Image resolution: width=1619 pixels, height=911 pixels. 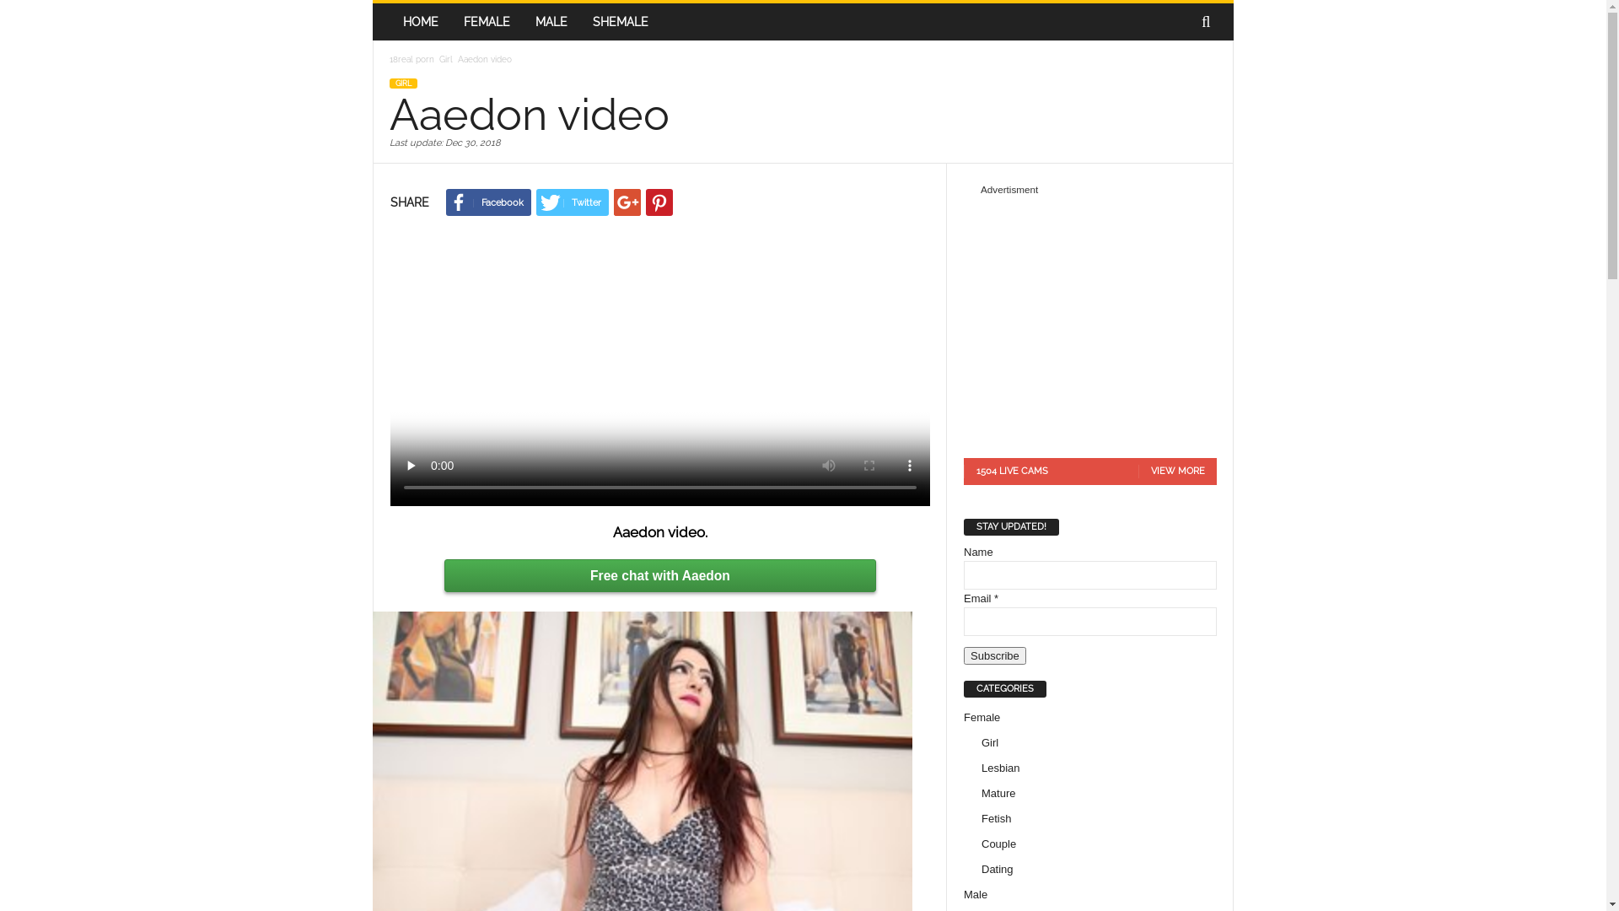 I want to click on 'Dating', so click(x=981, y=869).